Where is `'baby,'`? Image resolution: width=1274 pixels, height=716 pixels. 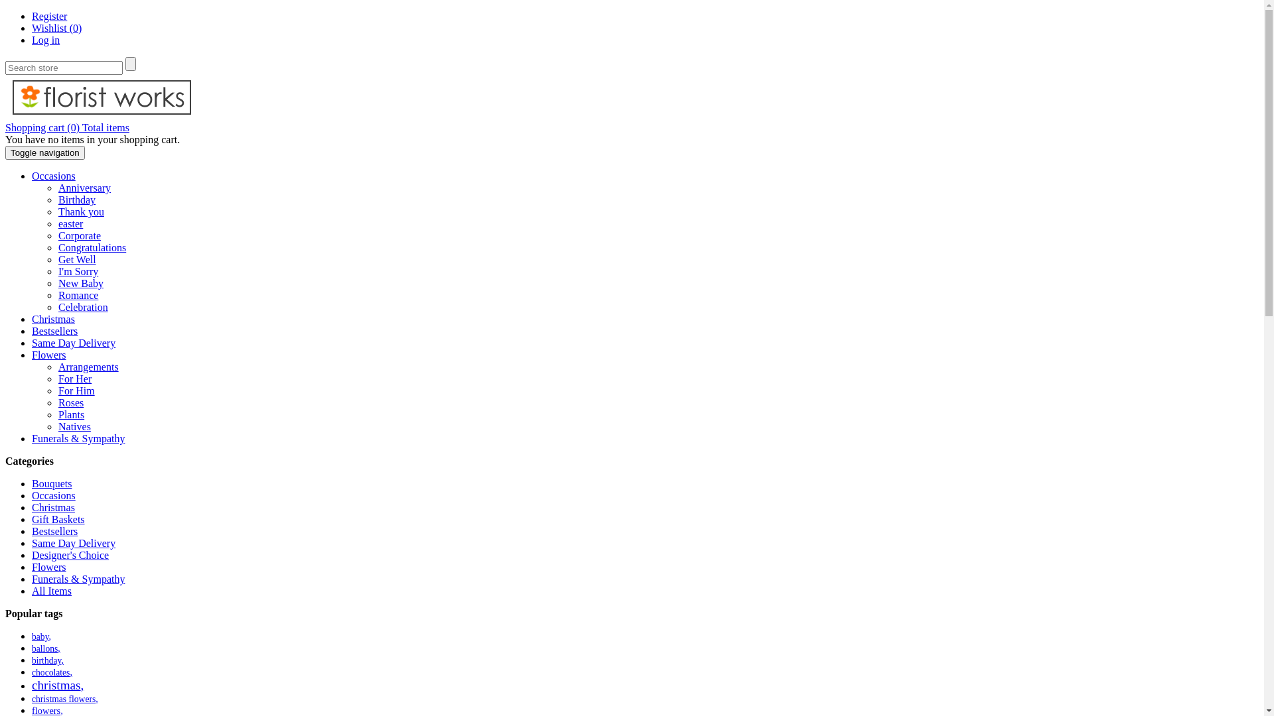
'baby,' is located at coordinates (41, 636).